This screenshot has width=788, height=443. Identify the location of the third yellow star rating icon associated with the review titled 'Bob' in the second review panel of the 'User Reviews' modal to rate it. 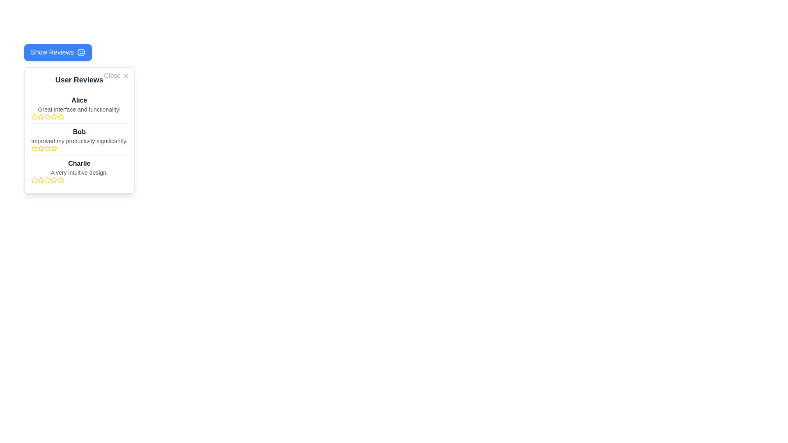
(41, 148).